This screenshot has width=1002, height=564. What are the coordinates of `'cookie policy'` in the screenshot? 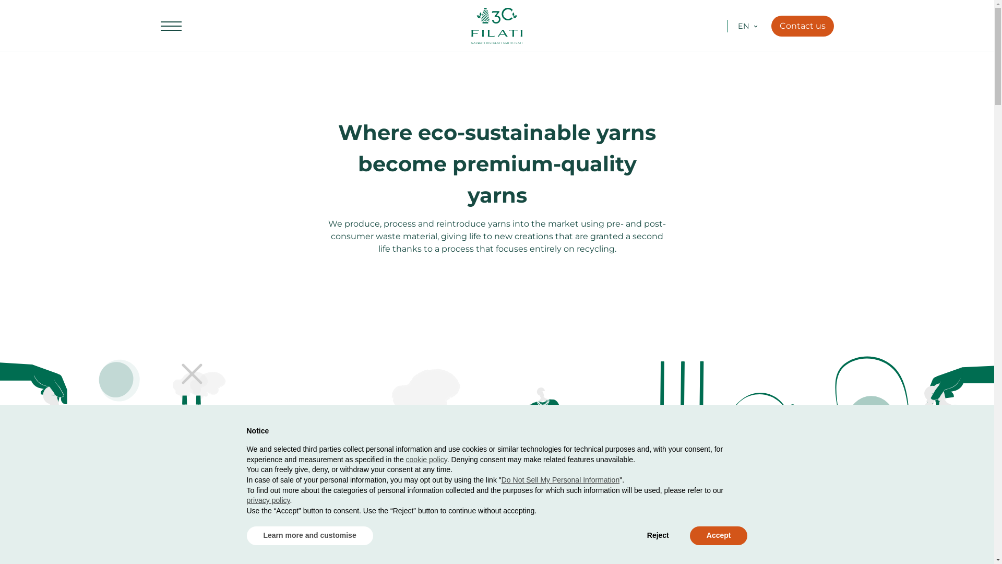 It's located at (426, 459).